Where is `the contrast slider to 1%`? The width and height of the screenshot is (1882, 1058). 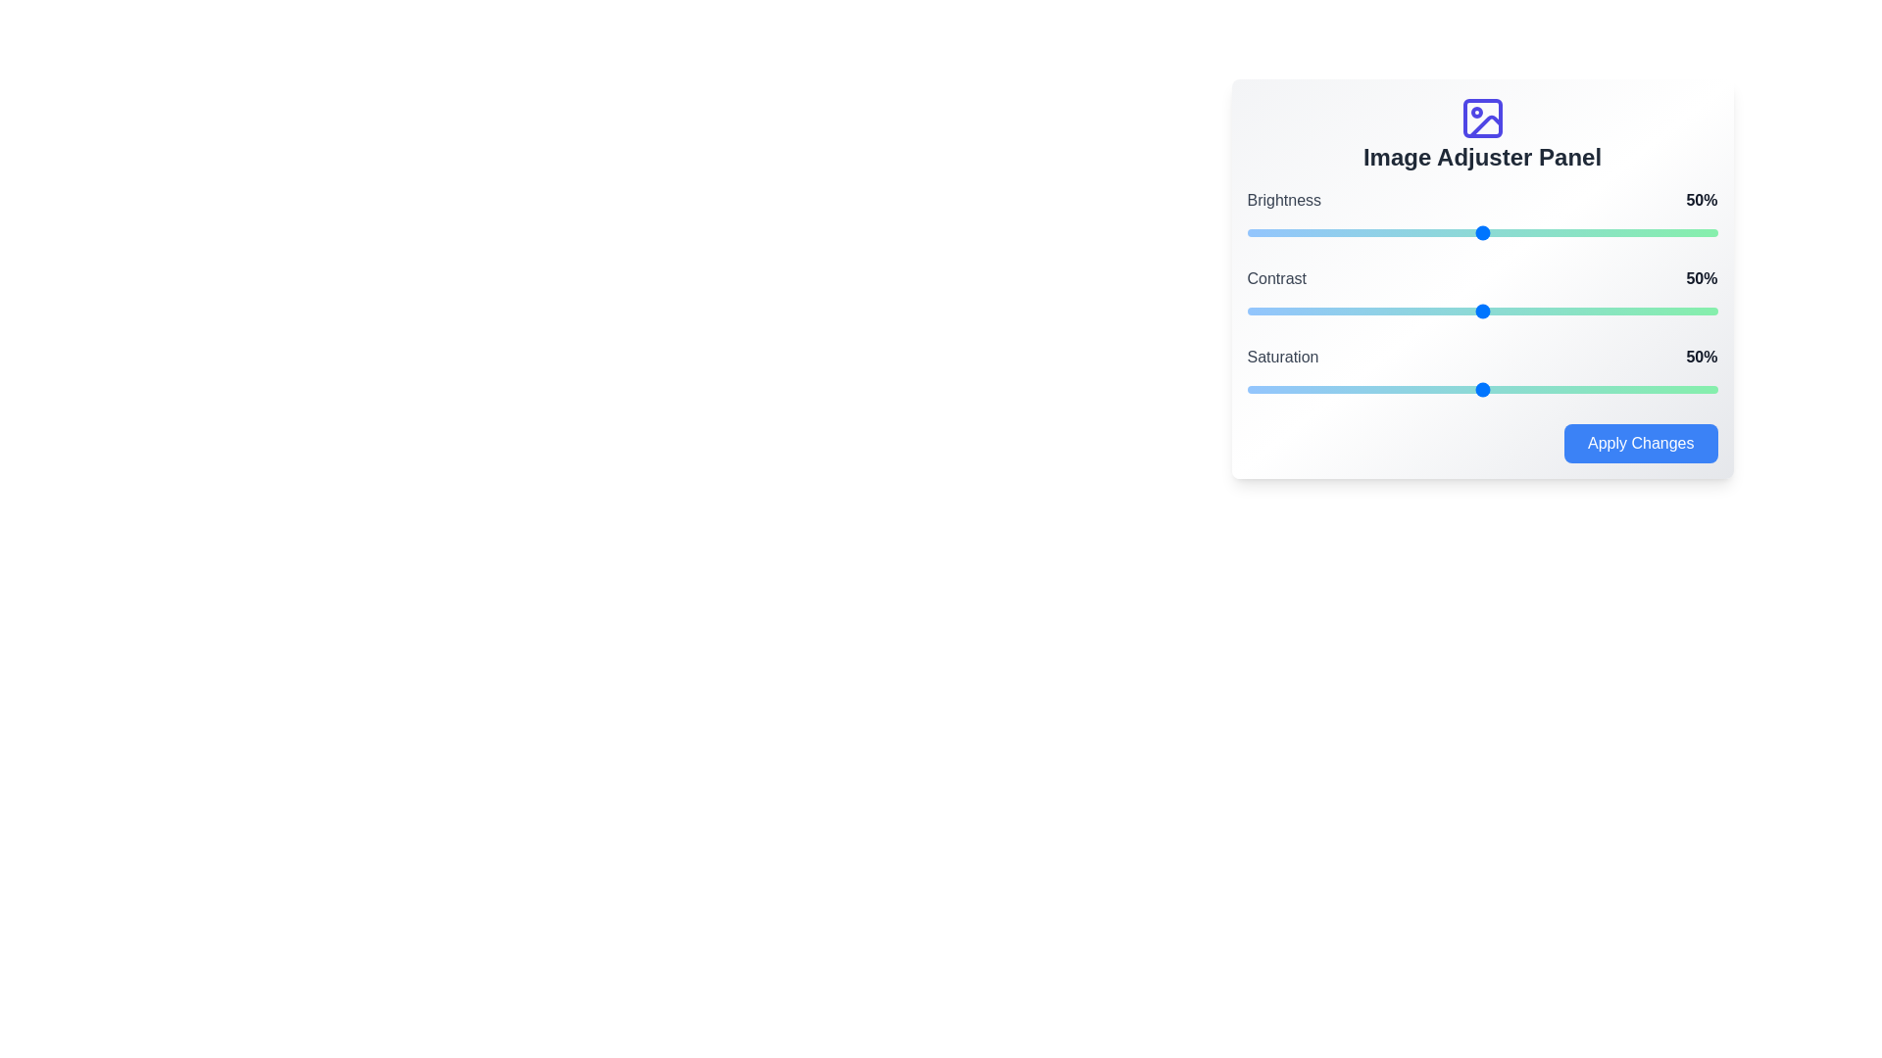 the contrast slider to 1% is located at coordinates (1251, 310).